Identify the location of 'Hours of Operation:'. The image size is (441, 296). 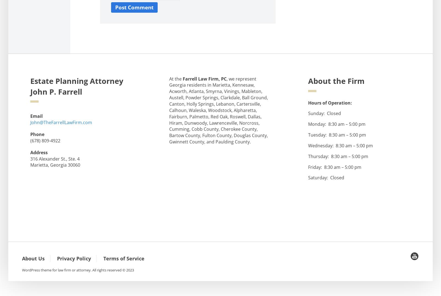
(330, 102).